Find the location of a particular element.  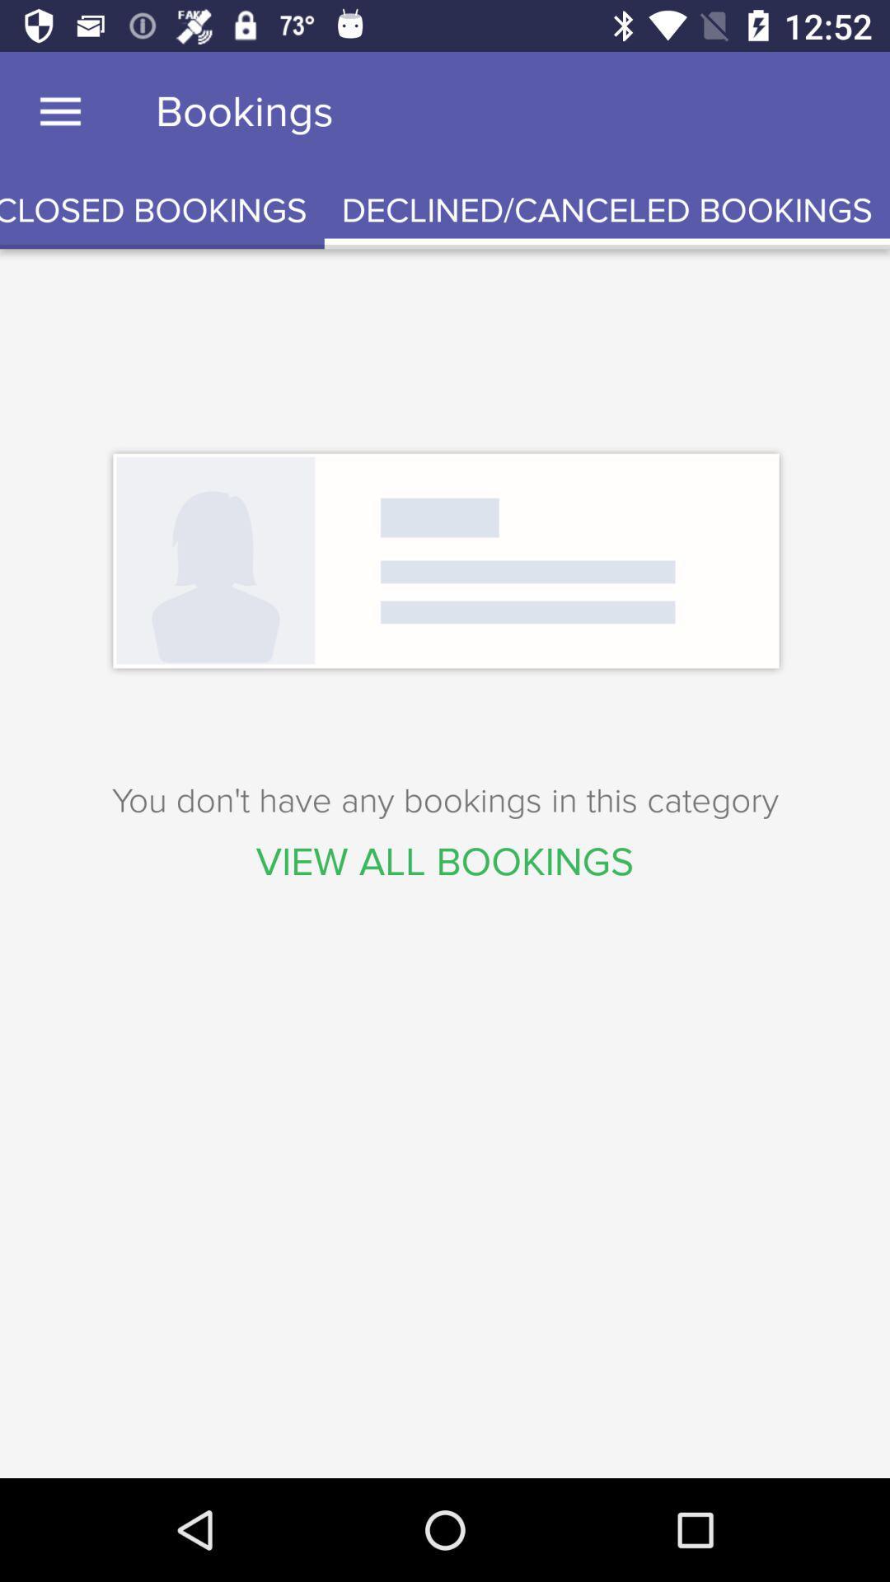

icon next to expired/closed bookings icon is located at coordinates (607, 210).